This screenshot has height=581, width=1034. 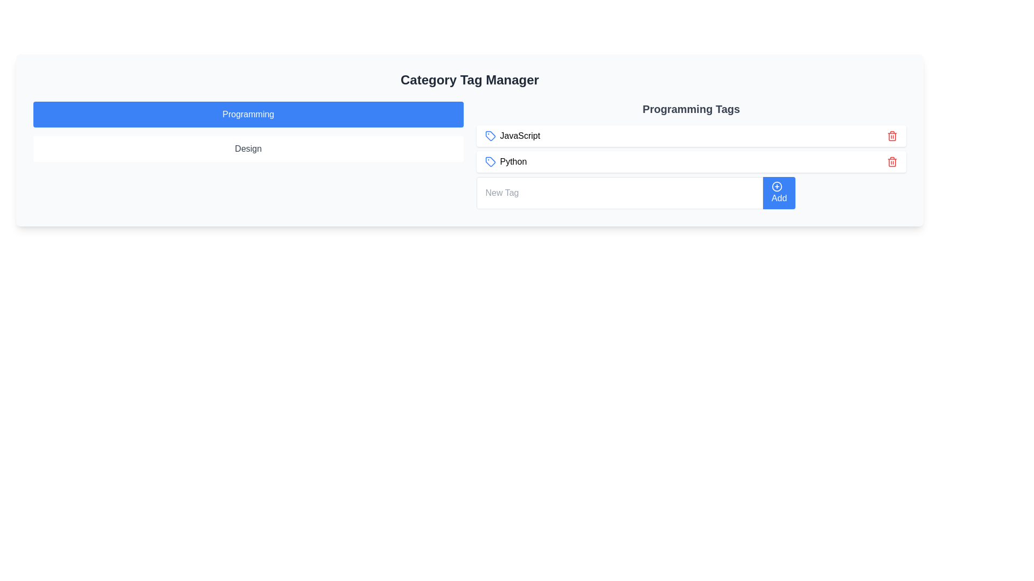 What do you see at coordinates (777, 186) in the screenshot?
I see `the icon represented by a circle within an SVG, which is positioned to the right of the 'New Tag' text input field and adjacent to the 'Add' button` at bounding box center [777, 186].